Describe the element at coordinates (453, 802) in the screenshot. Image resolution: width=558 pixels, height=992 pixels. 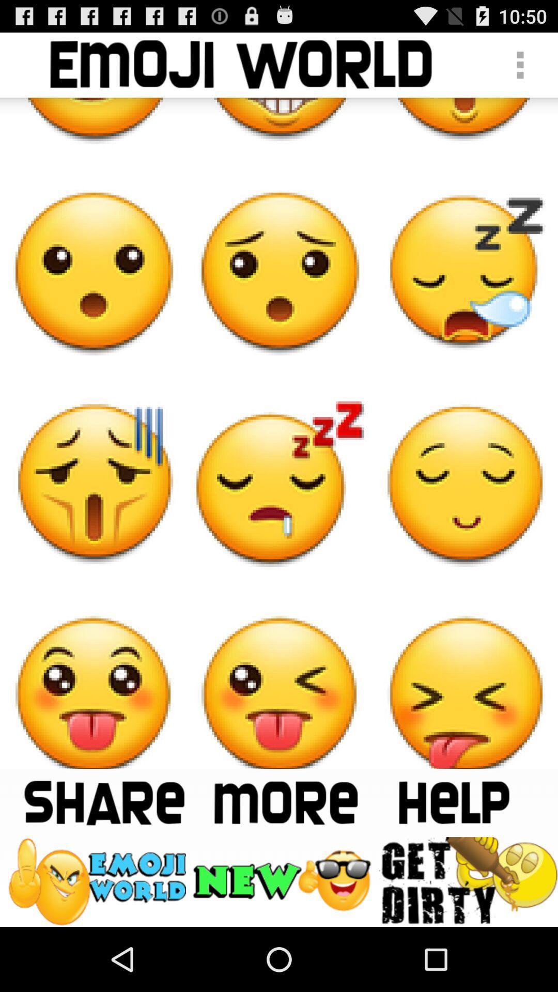
I see `get help` at that location.